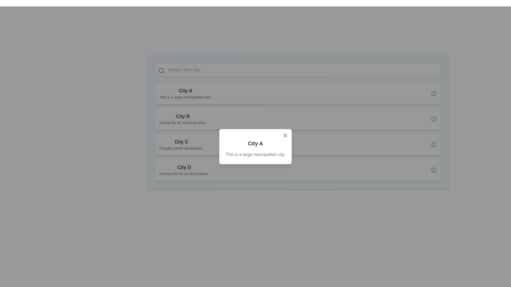  I want to click on the text element displaying 'This is a large metropolitan city.' which is located below the header 'City A' in a card-style modal, so click(256, 155).